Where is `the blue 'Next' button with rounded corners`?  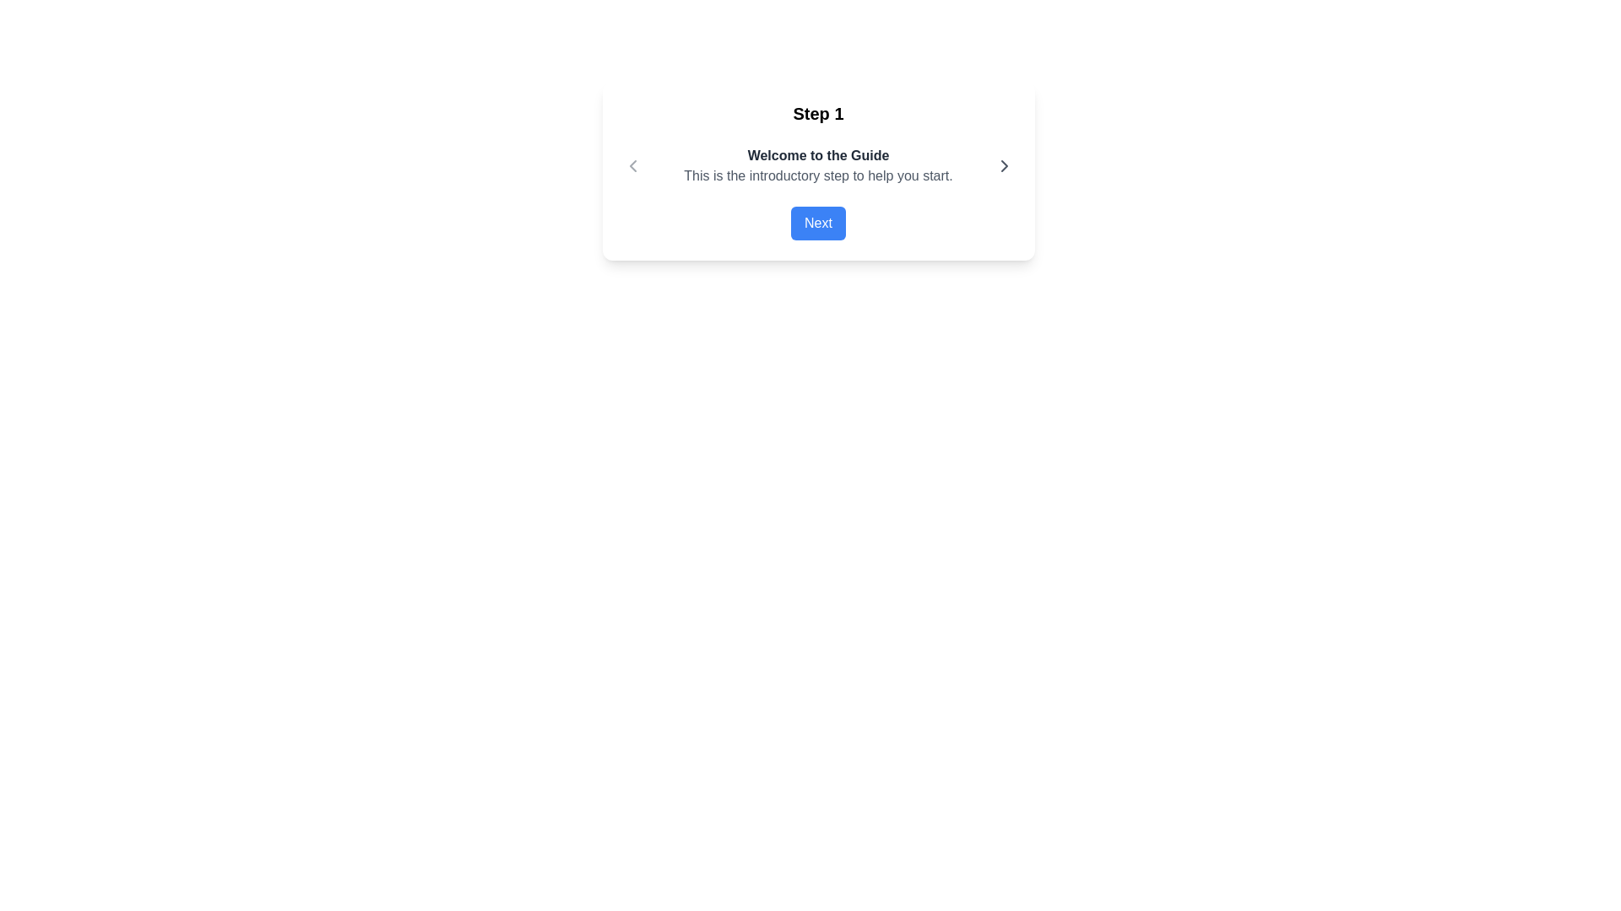
the blue 'Next' button with rounded corners is located at coordinates (818, 223).